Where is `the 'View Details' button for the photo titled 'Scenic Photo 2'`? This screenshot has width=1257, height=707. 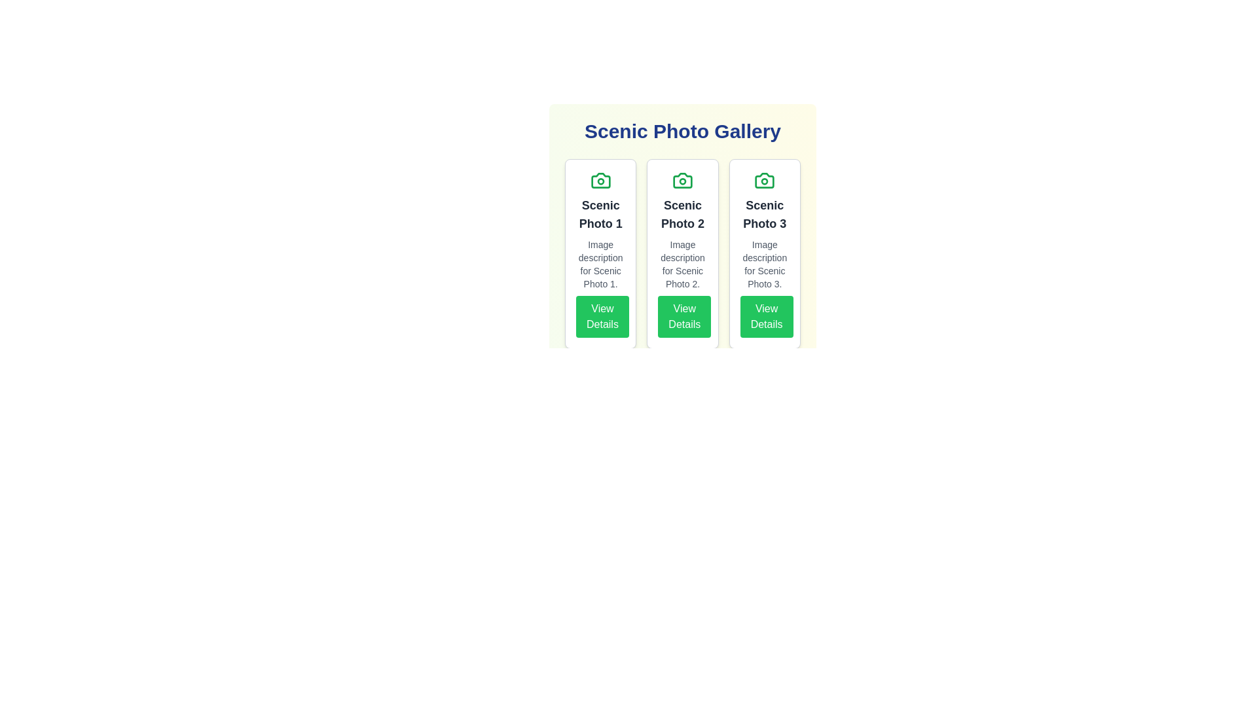 the 'View Details' button for the photo titled 'Scenic Photo 2' is located at coordinates (683, 316).